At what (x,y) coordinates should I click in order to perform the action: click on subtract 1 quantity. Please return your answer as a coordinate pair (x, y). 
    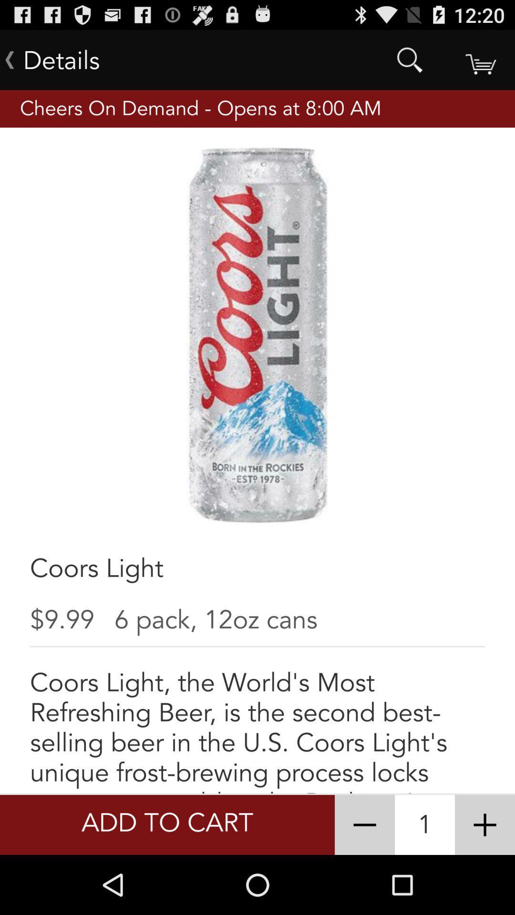
    Looking at the image, I should click on (364, 824).